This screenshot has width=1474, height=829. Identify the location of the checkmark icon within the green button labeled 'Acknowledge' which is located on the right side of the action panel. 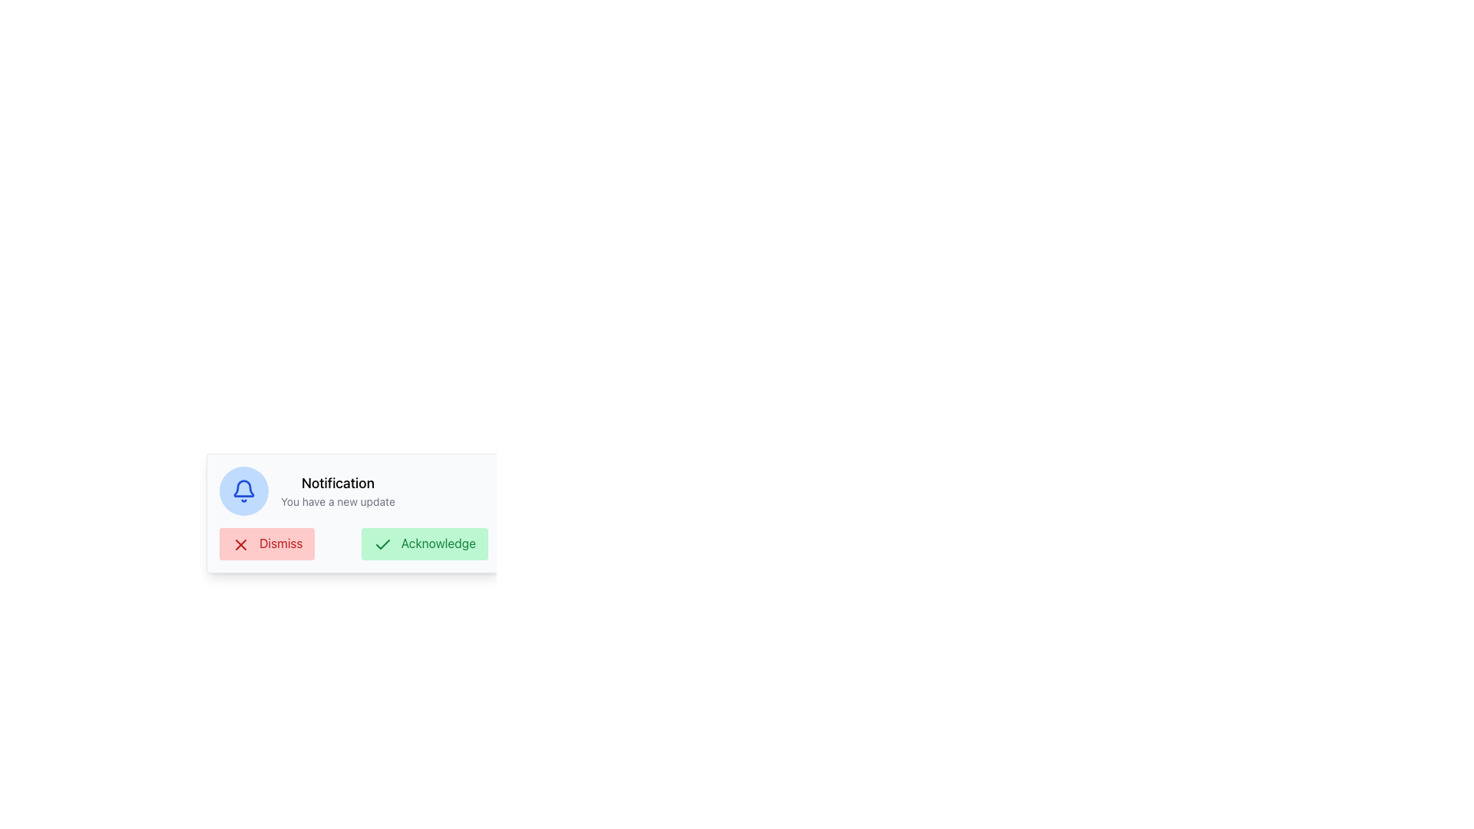
(382, 543).